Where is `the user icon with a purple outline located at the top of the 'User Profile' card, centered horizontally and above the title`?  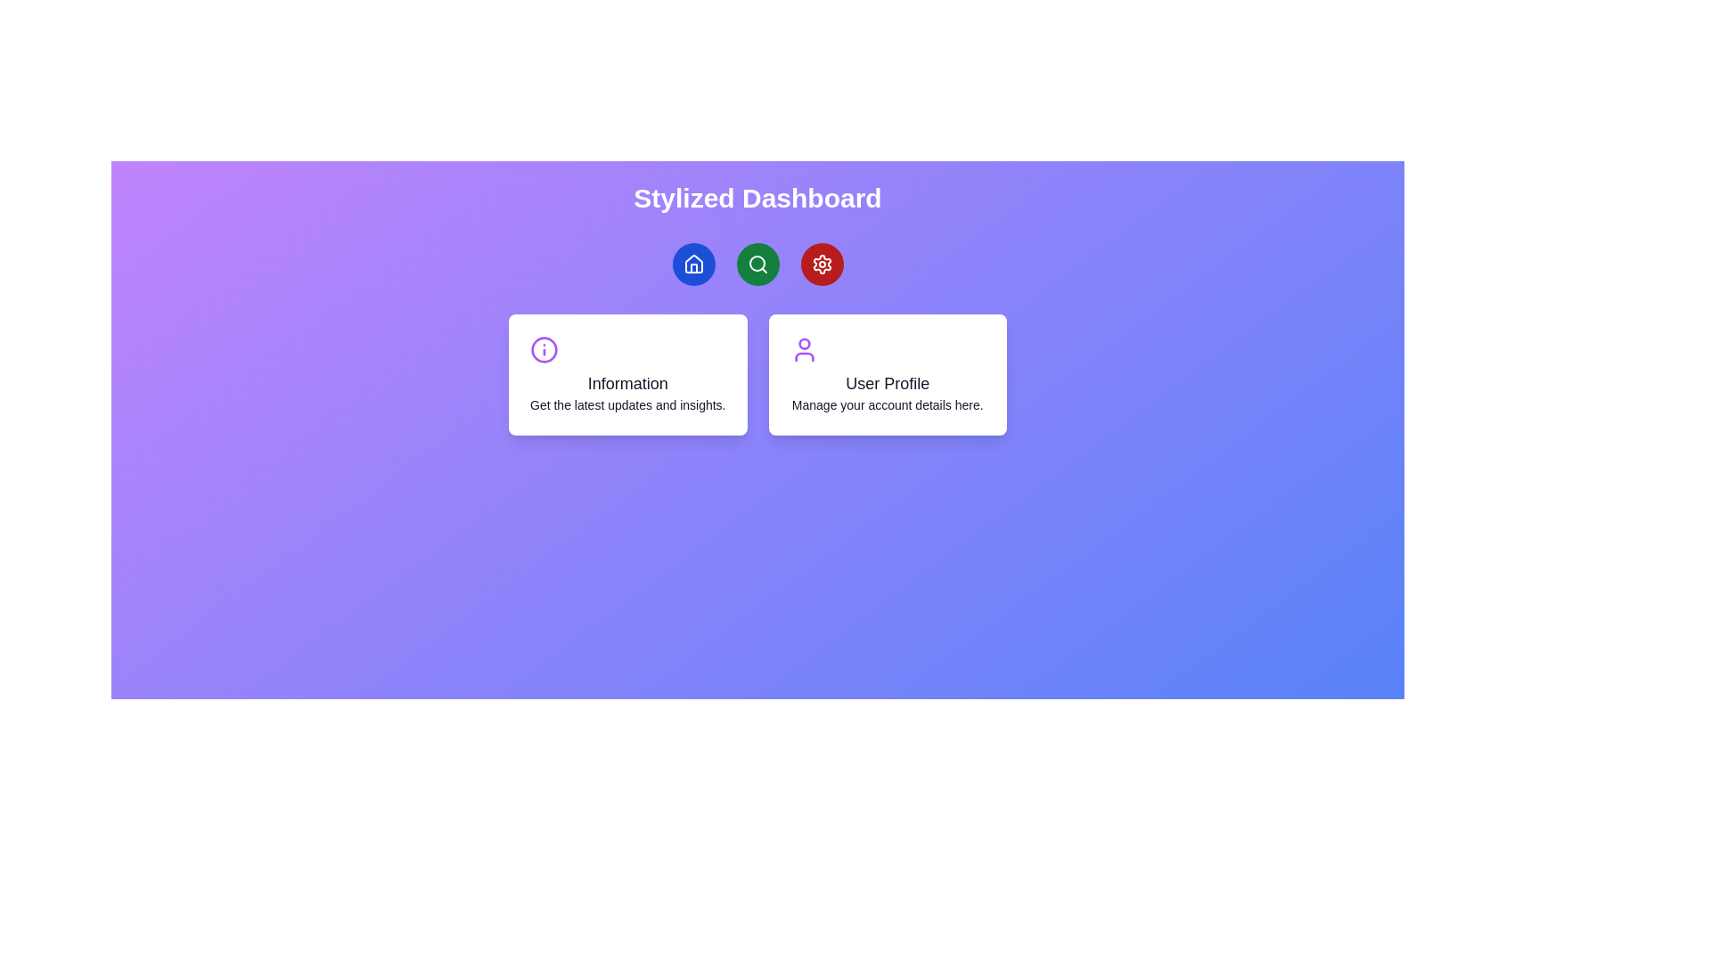
the user icon with a purple outline located at the top of the 'User Profile' card, centered horizontally and above the title is located at coordinates (803, 350).